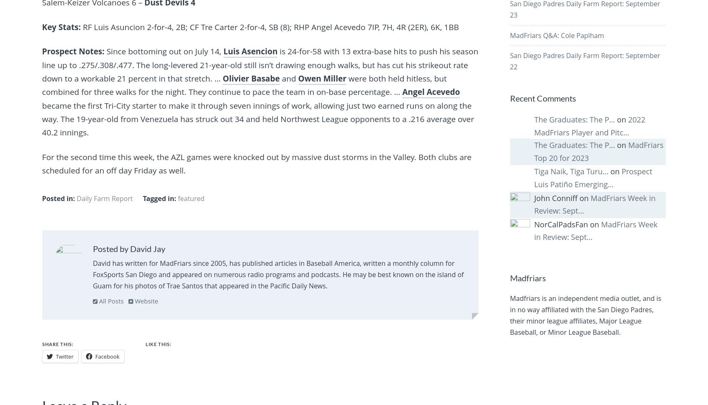 The height and width of the screenshot is (405, 708). What do you see at coordinates (533, 197) in the screenshot?
I see `'John Conniff on'` at bounding box center [533, 197].